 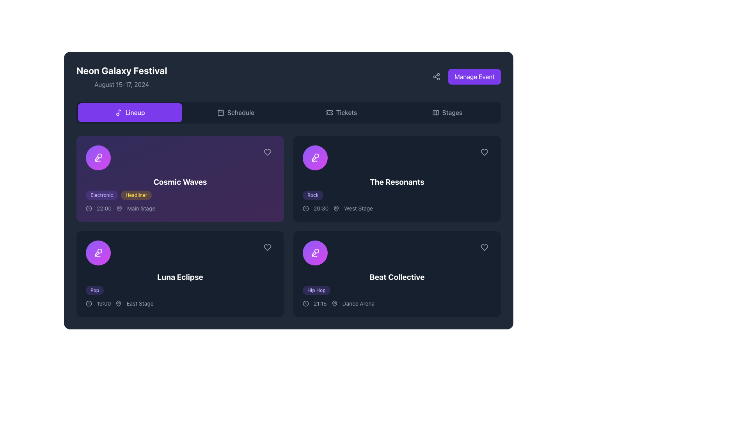 What do you see at coordinates (240, 113) in the screenshot?
I see `the text label displaying the word 'Schedule' located in the navigation bar` at bounding box center [240, 113].